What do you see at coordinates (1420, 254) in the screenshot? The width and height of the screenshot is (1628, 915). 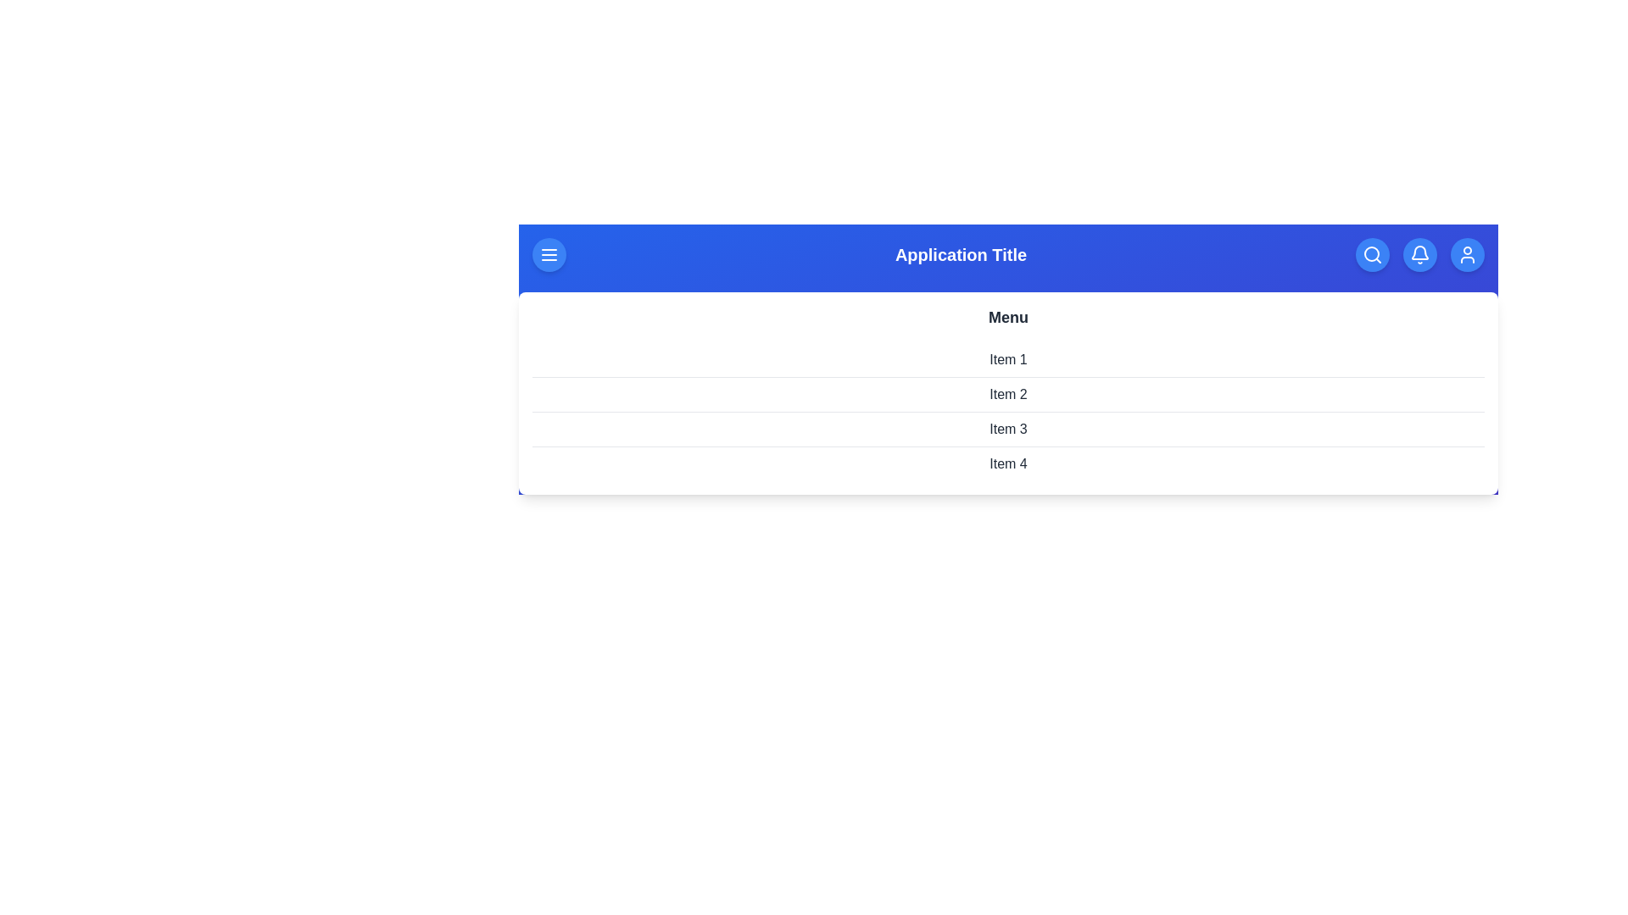 I see `the button labeled Notifications to observe its hover effect` at bounding box center [1420, 254].